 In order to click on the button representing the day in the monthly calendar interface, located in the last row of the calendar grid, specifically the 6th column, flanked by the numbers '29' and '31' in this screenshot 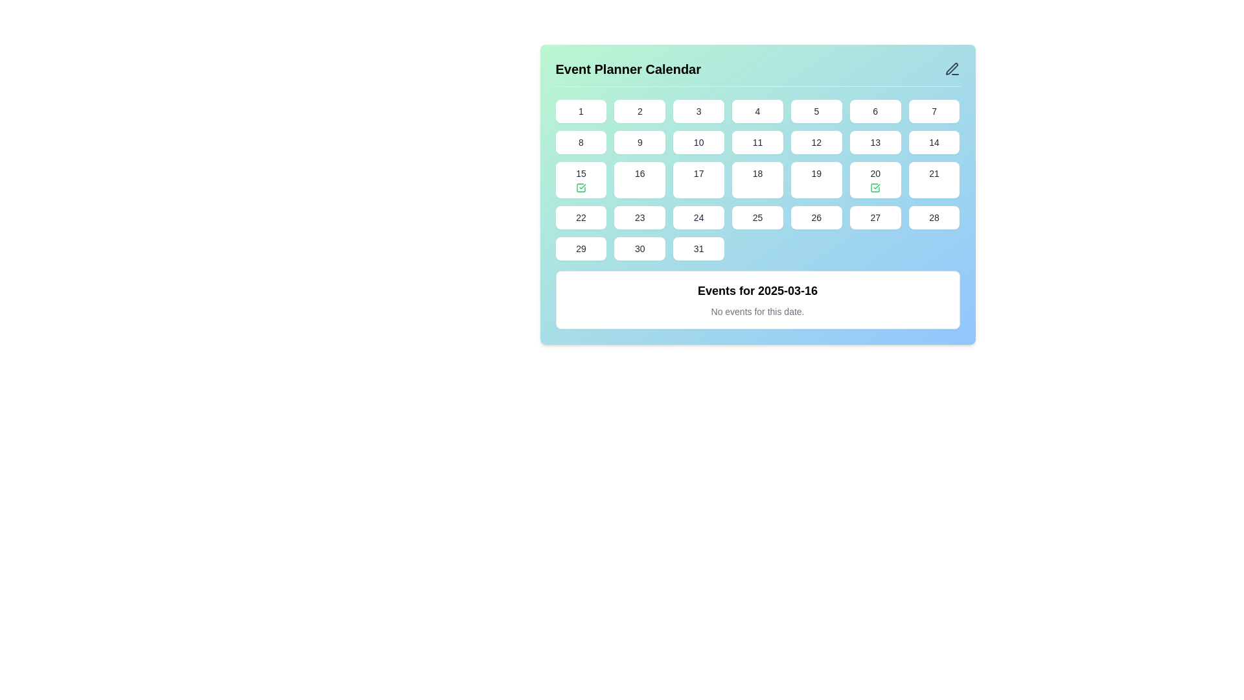, I will do `click(639, 249)`.